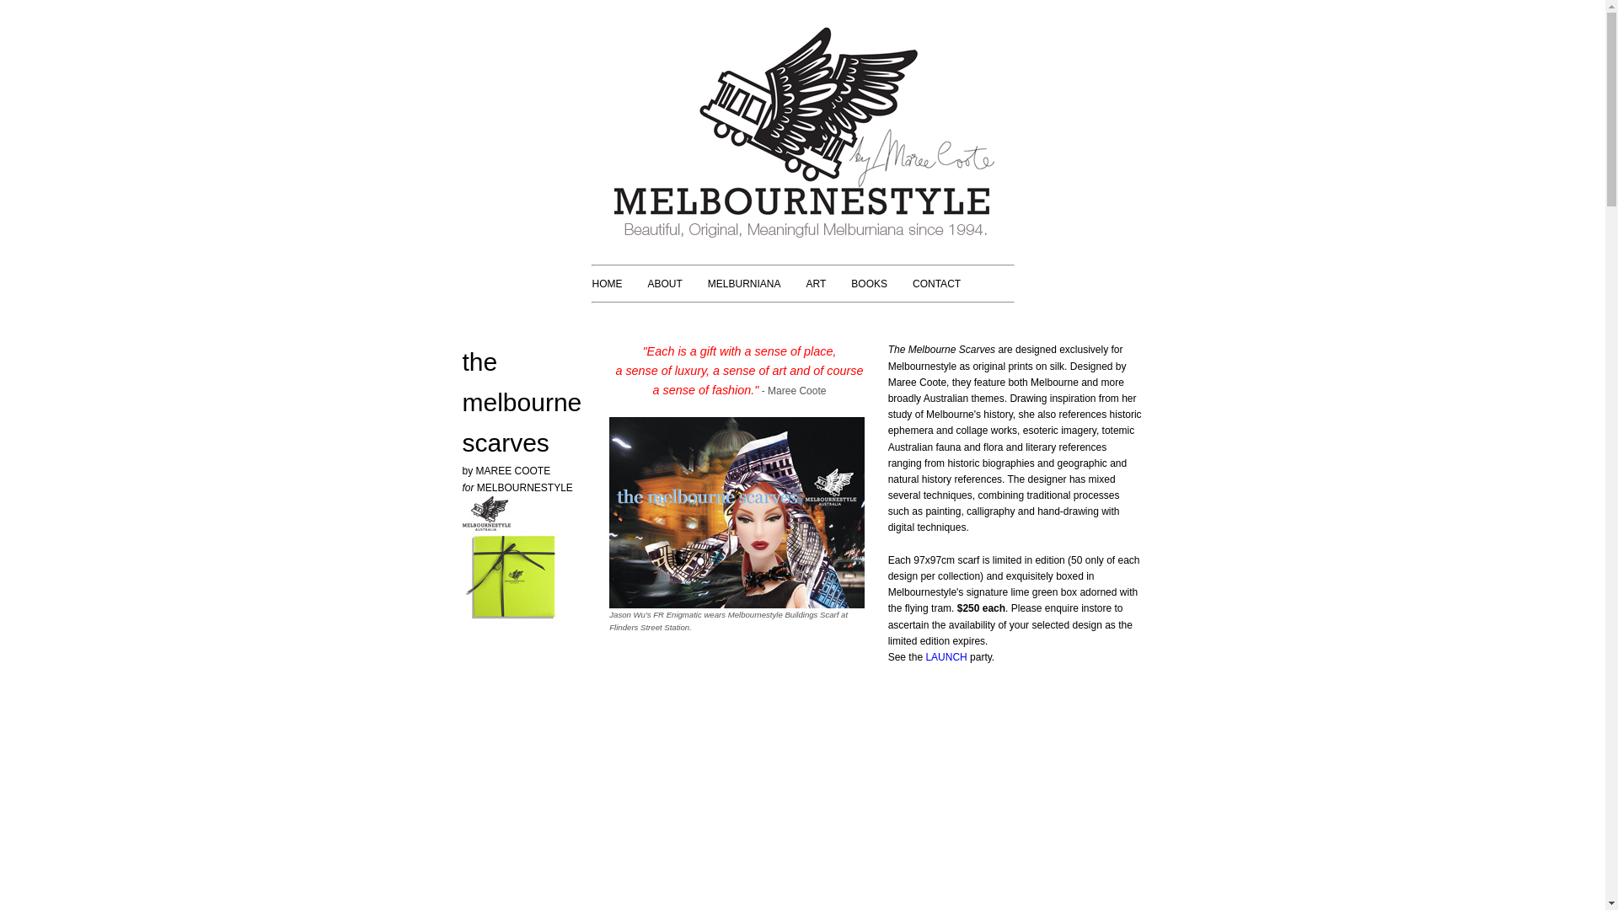  Describe the element at coordinates (607, 282) in the screenshot. I see `'HOME'` at that location.